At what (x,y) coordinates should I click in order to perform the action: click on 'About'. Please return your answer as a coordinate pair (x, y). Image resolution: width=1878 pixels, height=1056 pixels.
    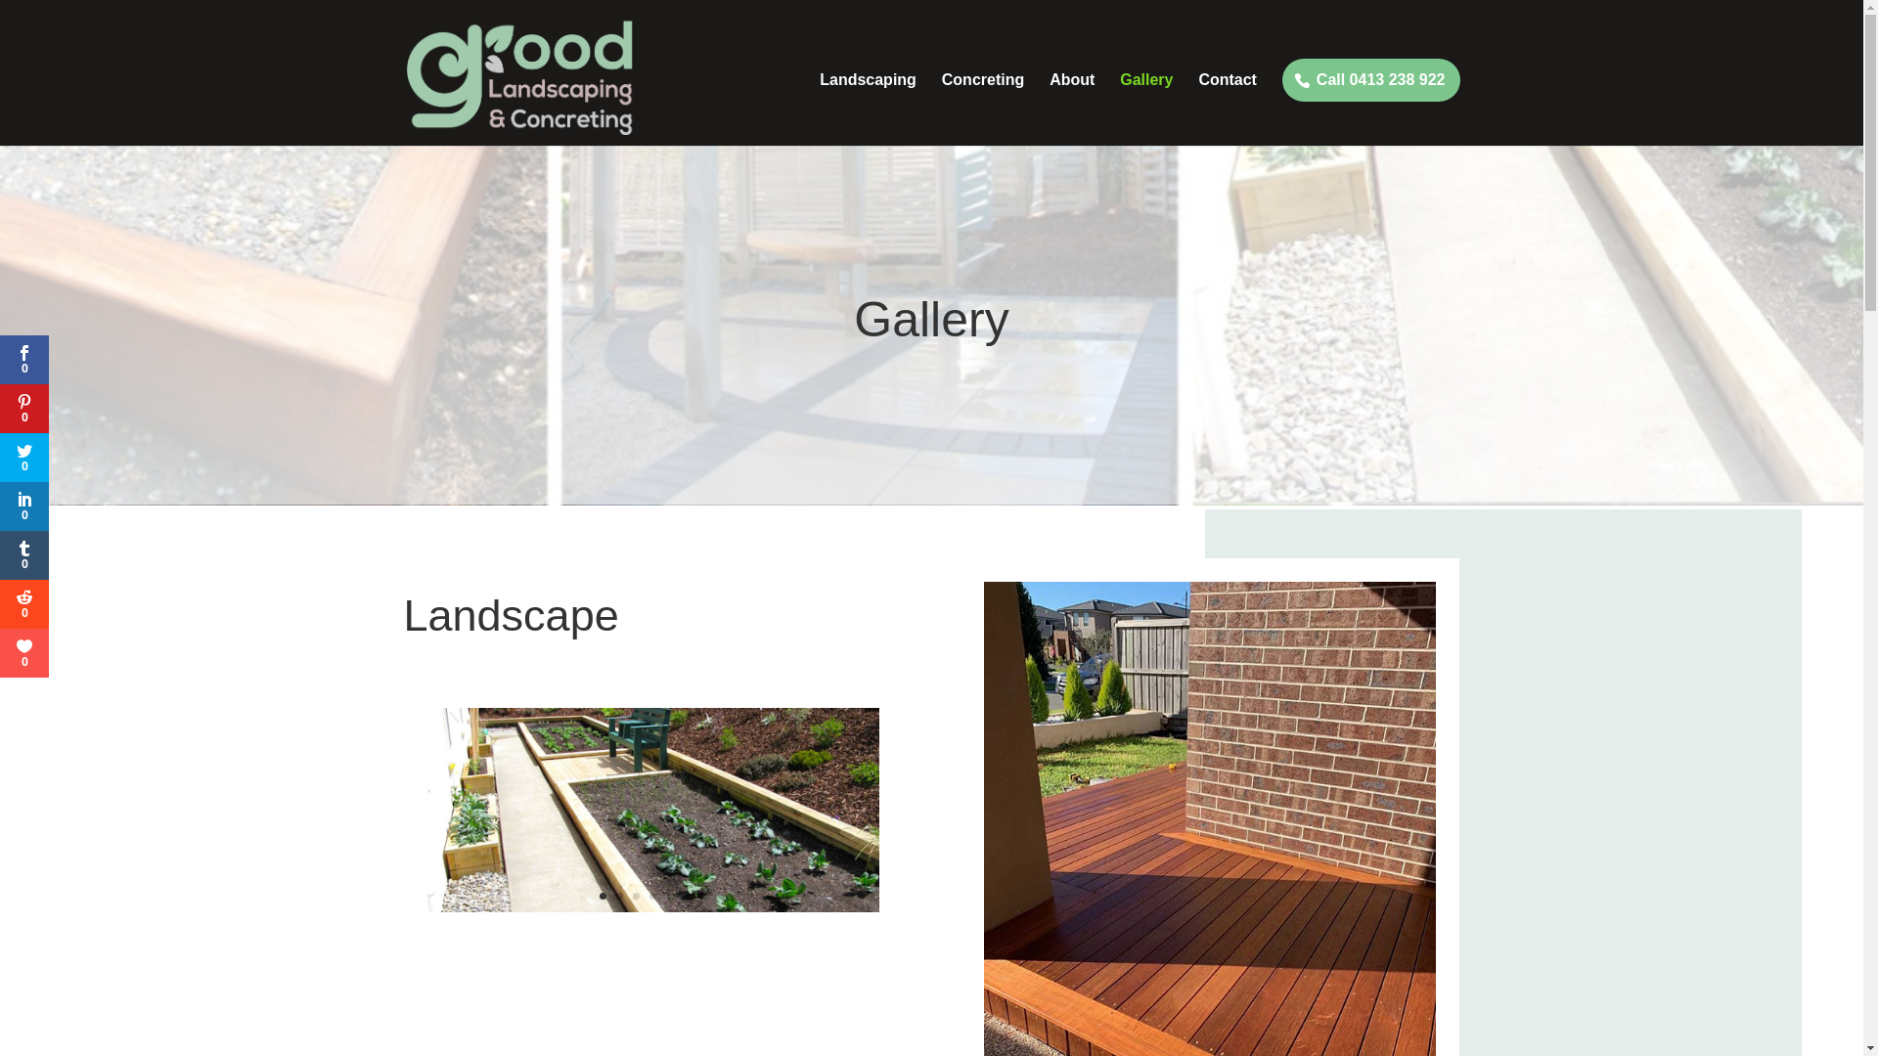
    Looking at the image, I should click on (1070, 109).